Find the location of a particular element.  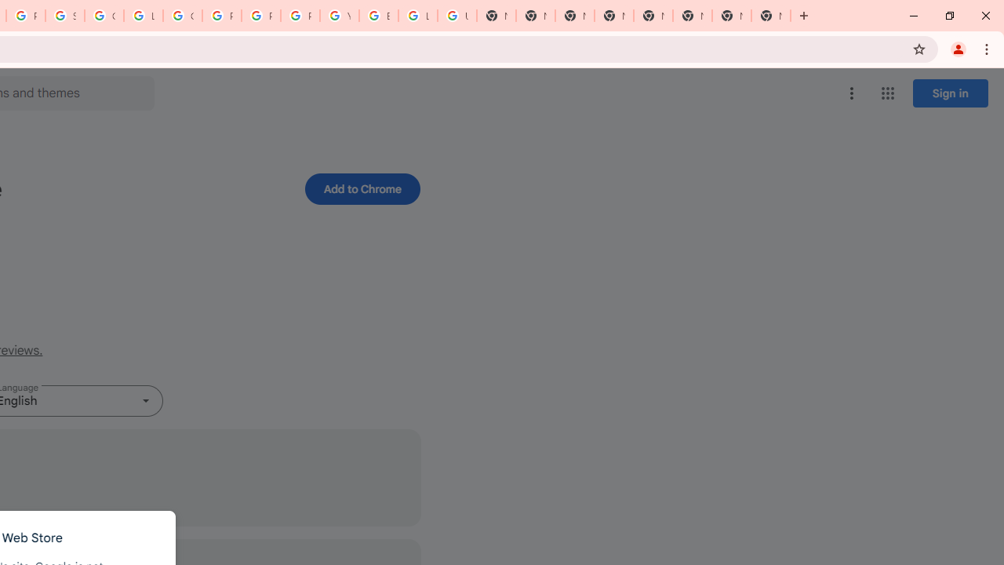

'Privacy Help Center - Policies Help' is located at coordinates (221, 16).